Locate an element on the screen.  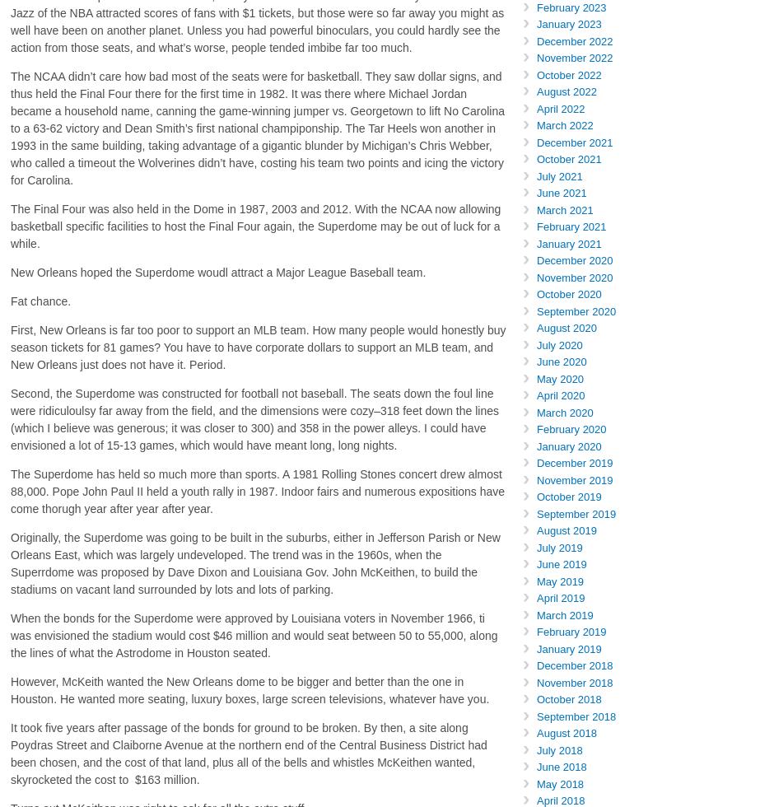
'When the bonds for the Superdome were approved by Louisiana voters in November 1966, ti was envisioned the stadium would cost $46 million and would seat between 50 to 55,000, along the lines of what the Astrodome in Houston seated.' is located at coordinates (10, 634).